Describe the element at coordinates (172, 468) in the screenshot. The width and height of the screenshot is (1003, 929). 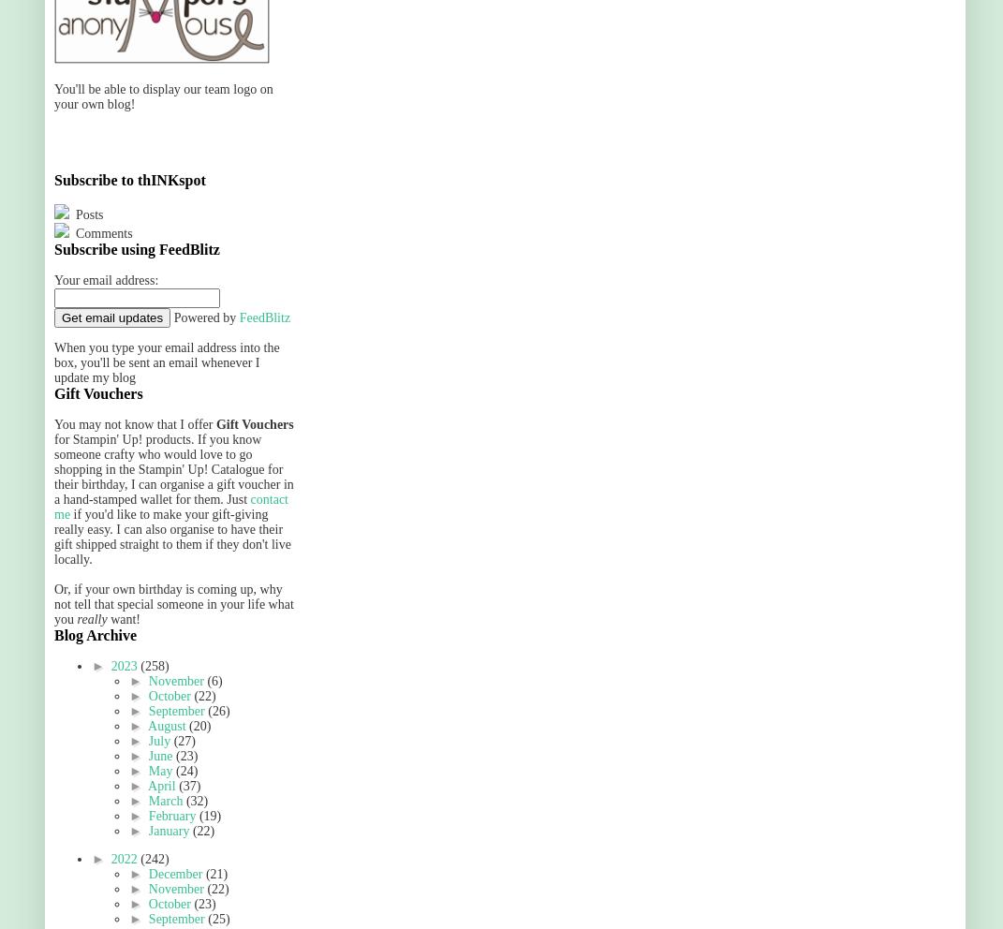
I see `'for Stampin' Up! products. If you know someone crafty who would love to go shopping in the Stampin' Up! Catalogue for their birthday, I can organise a gift voucher in a hand-stamped wallet for them. Just'` at that location.